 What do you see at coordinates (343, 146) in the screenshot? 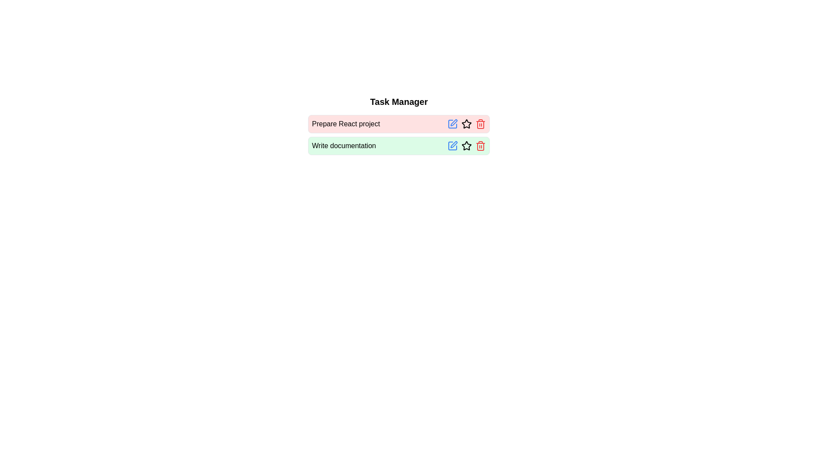
I see `text label displaying 'Write documentation' which is located in the second task row with a light green background` at bounding box center [343, 146].